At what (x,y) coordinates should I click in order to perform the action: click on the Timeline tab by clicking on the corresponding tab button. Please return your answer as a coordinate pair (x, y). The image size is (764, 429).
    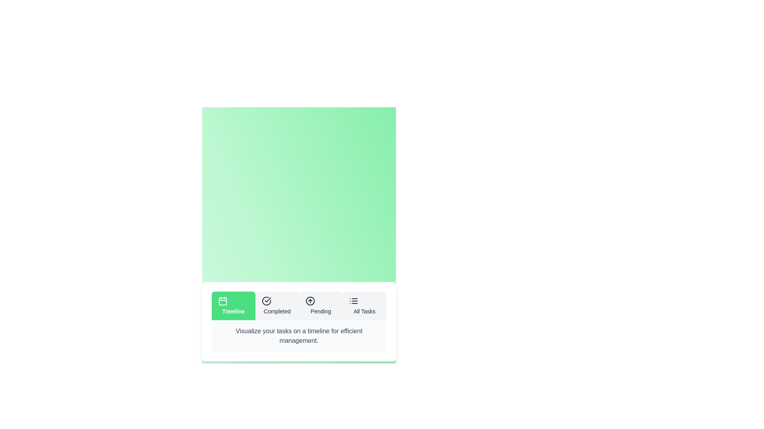
    Looking at the image, I should click on (233, 305).